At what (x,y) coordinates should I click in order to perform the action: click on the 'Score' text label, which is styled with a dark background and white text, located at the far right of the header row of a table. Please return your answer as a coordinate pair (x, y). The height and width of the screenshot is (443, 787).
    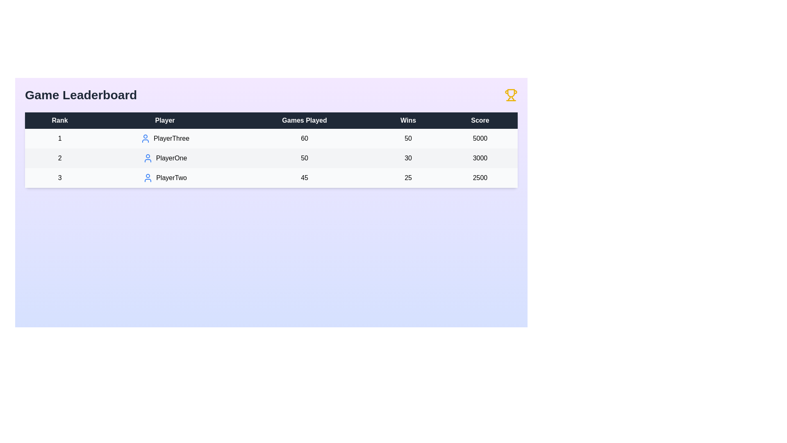
    Looking at the image, I should click on (480, 120).